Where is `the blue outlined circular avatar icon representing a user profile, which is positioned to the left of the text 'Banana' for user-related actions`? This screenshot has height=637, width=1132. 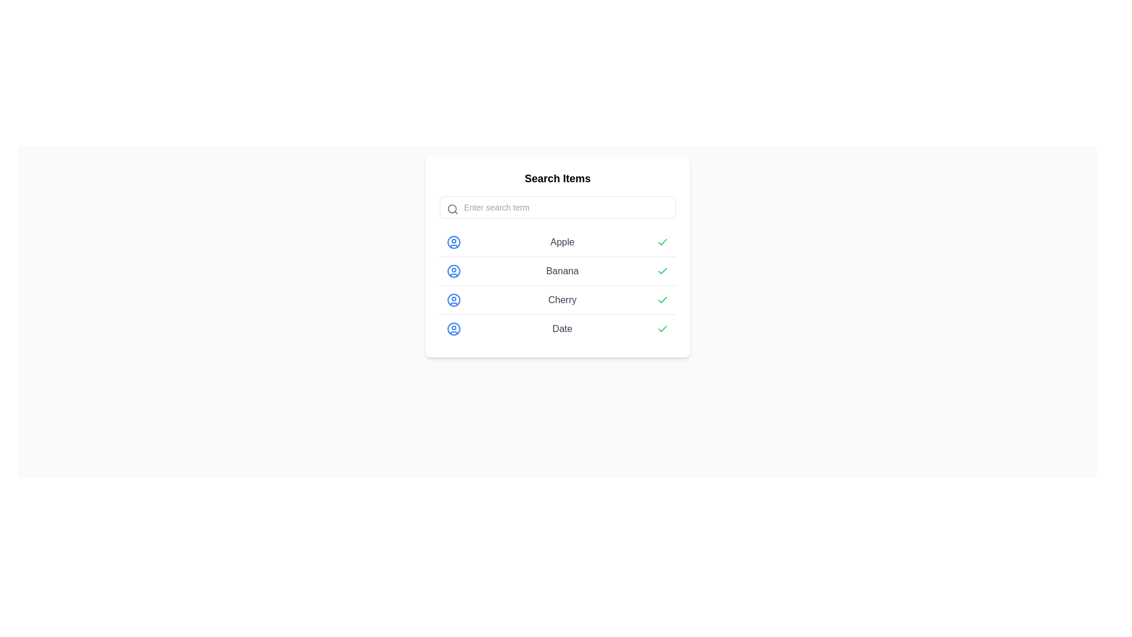 the blue outlined circular avatar icon representing a user profile, which is positioned to the left of the text 'Banana' for user-related actions is located at coordinates (453, 271).